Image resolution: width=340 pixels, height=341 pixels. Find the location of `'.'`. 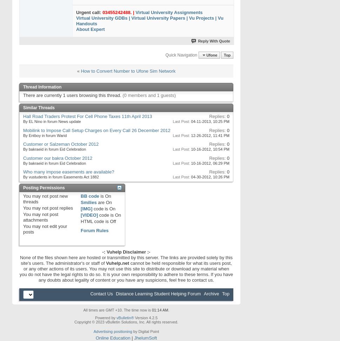

'.' is located at coordinates (168, 309).